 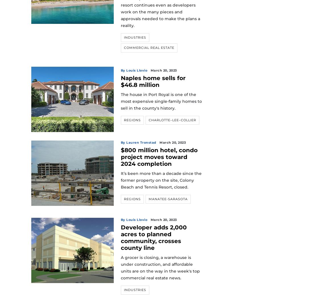 What do you see at coordinates (138, 142) in the screenshot?
I see `'By Lauren Tronstad'` at bounding box center [138, 142].